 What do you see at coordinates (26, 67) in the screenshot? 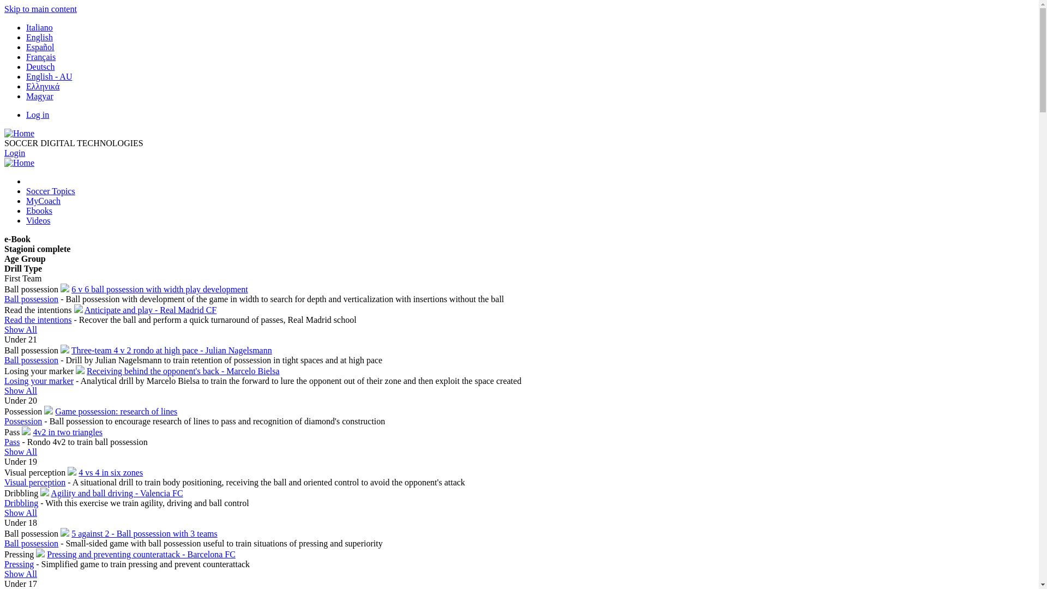
I see `'Deutsch'` at bounding box center [26, 67].